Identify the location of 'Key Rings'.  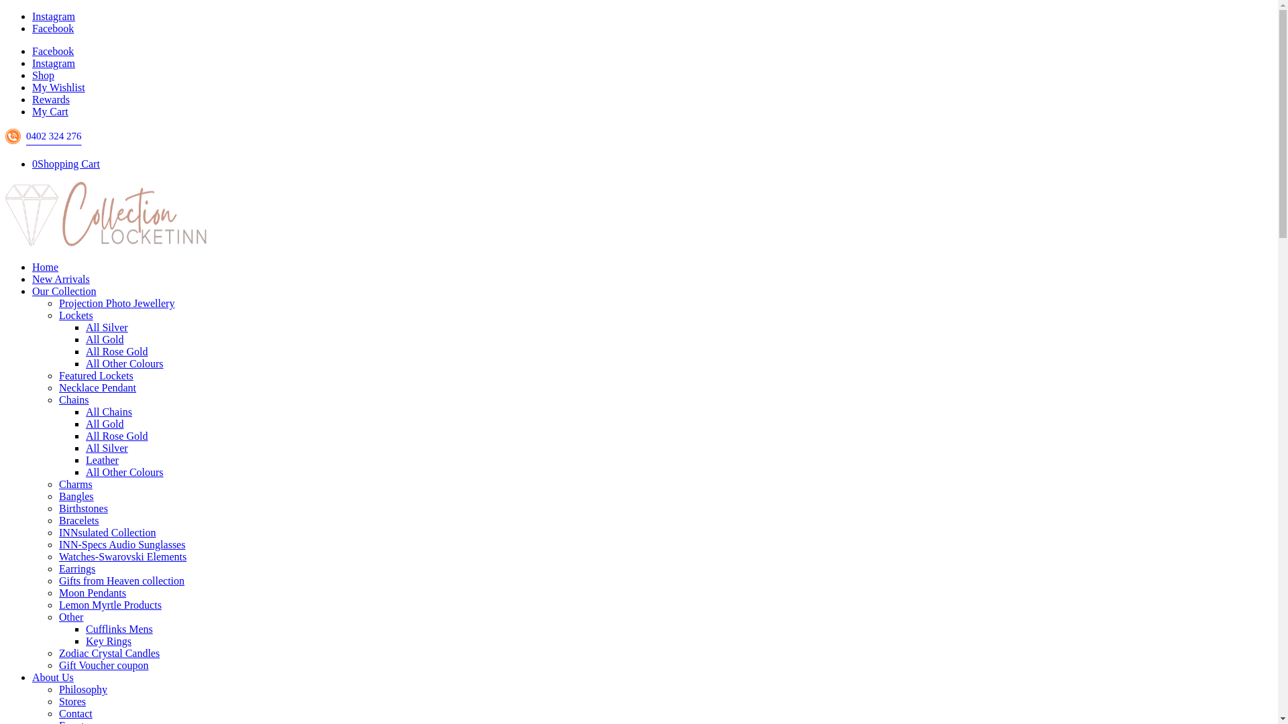
(109, 640).